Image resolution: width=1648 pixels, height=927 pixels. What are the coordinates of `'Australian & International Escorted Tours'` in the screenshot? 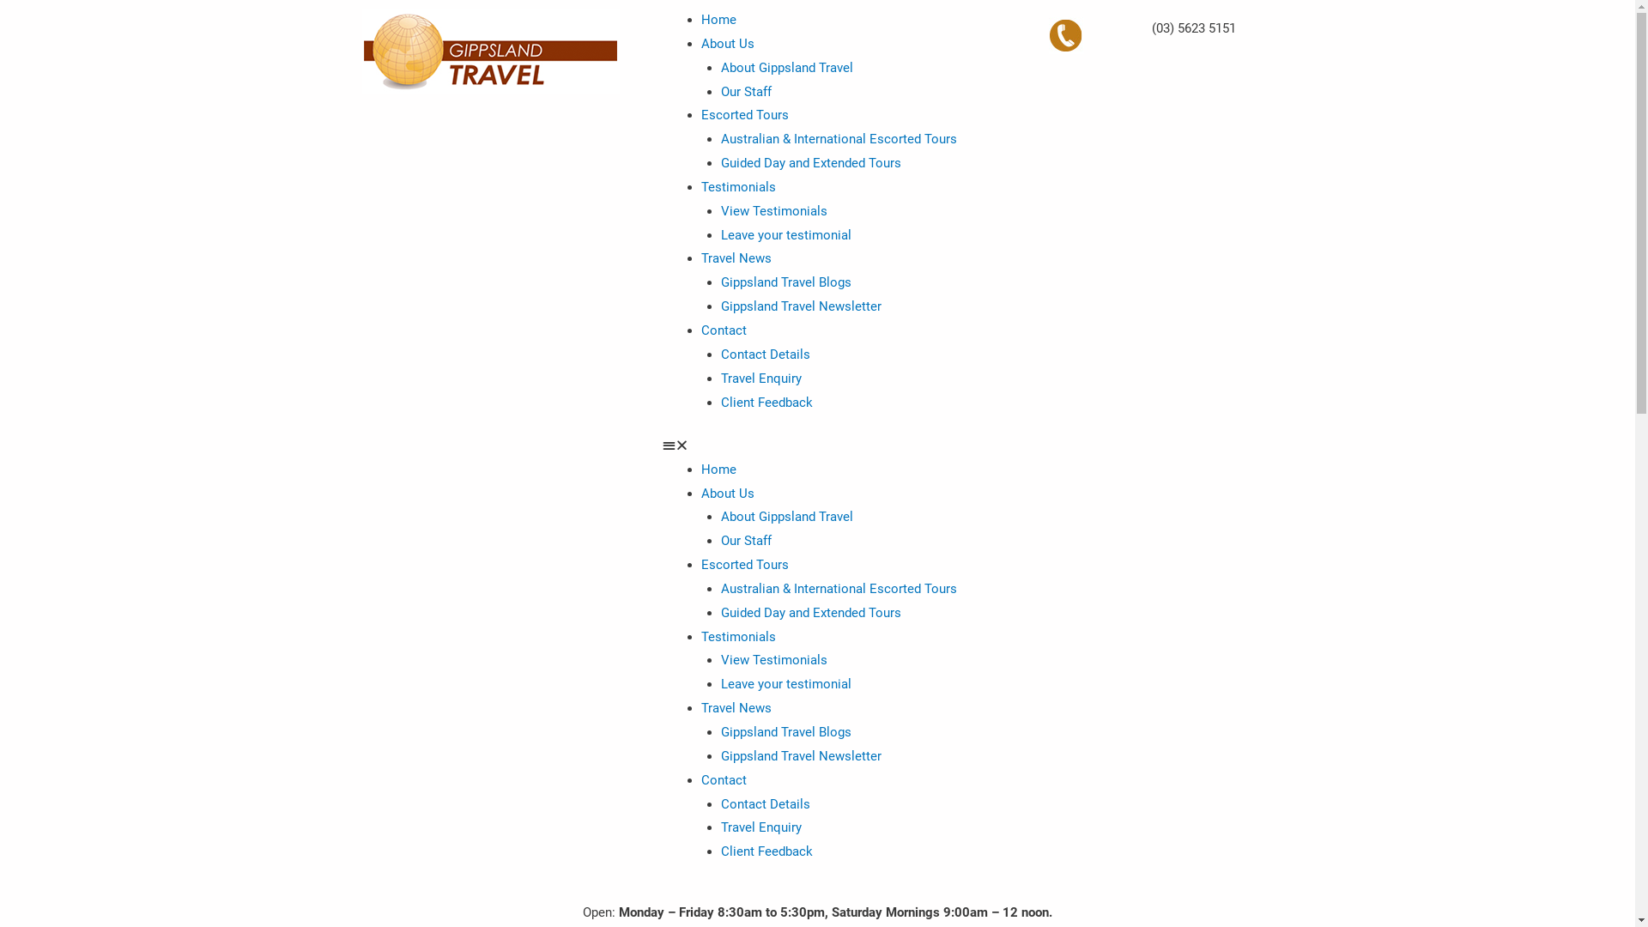 It's located at (839, 588).